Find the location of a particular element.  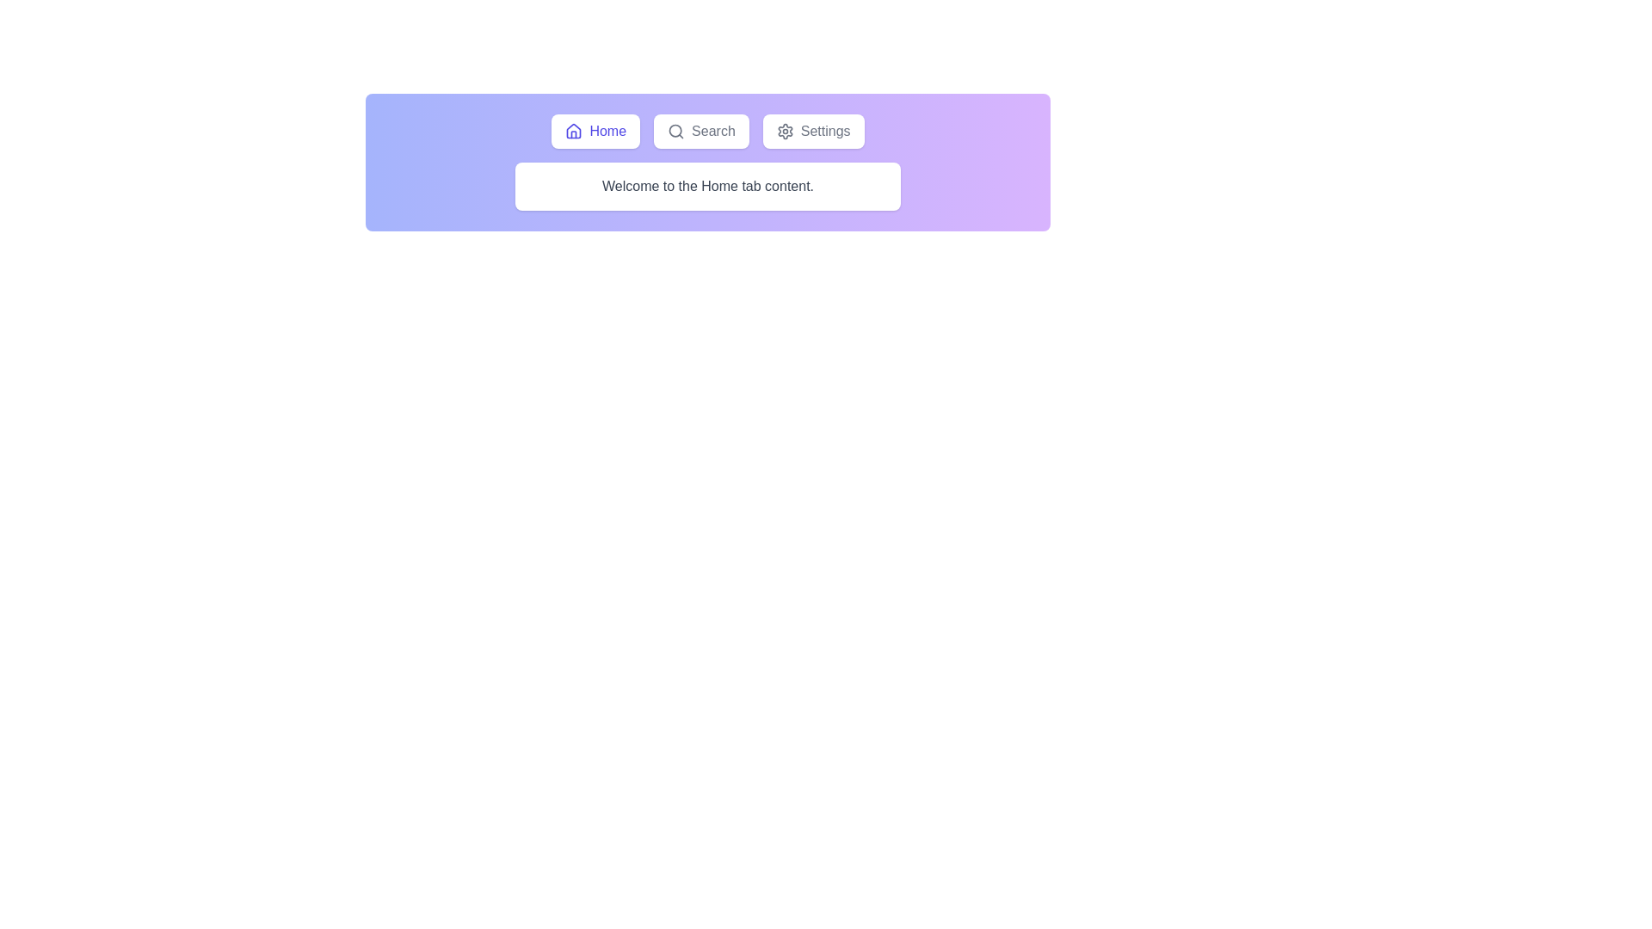

the 'Home' button that contains a stylized house icon is located at coordinates (574, 131).